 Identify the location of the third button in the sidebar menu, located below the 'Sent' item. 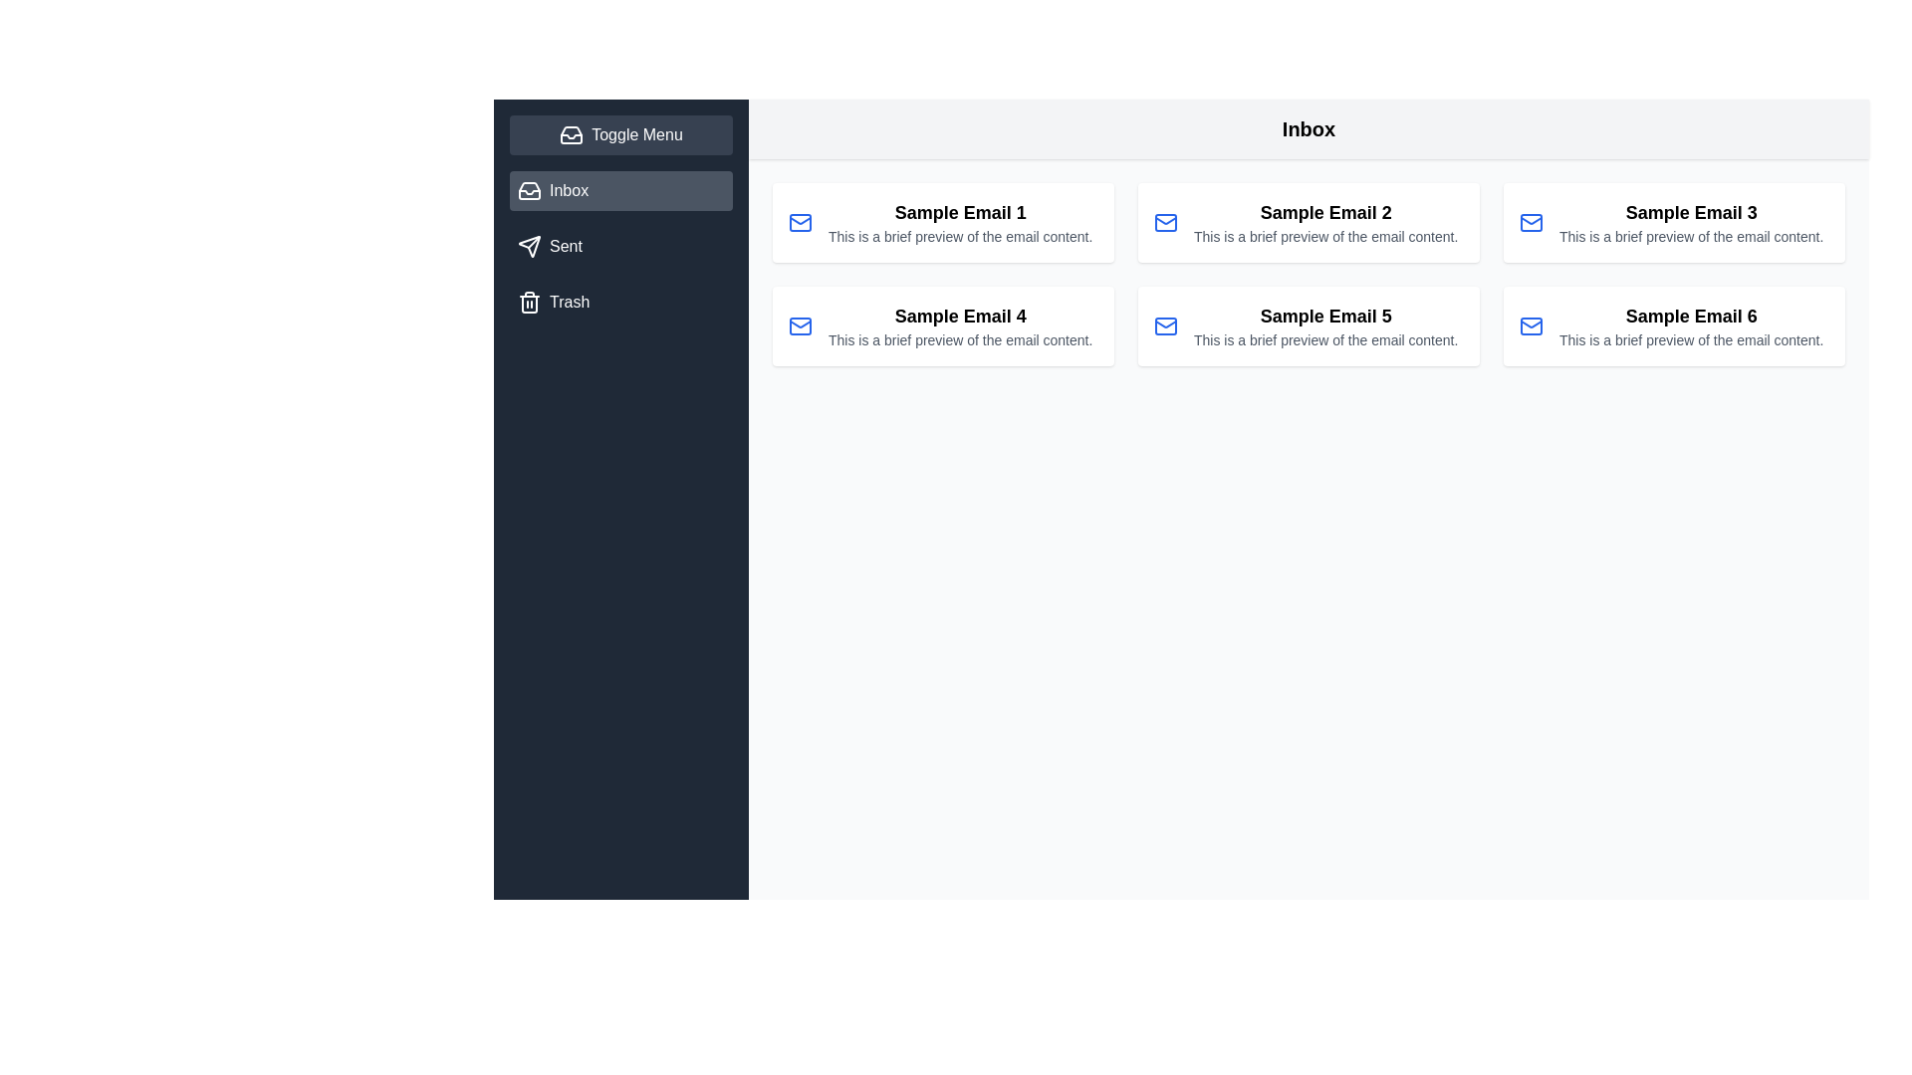
(620, 303).